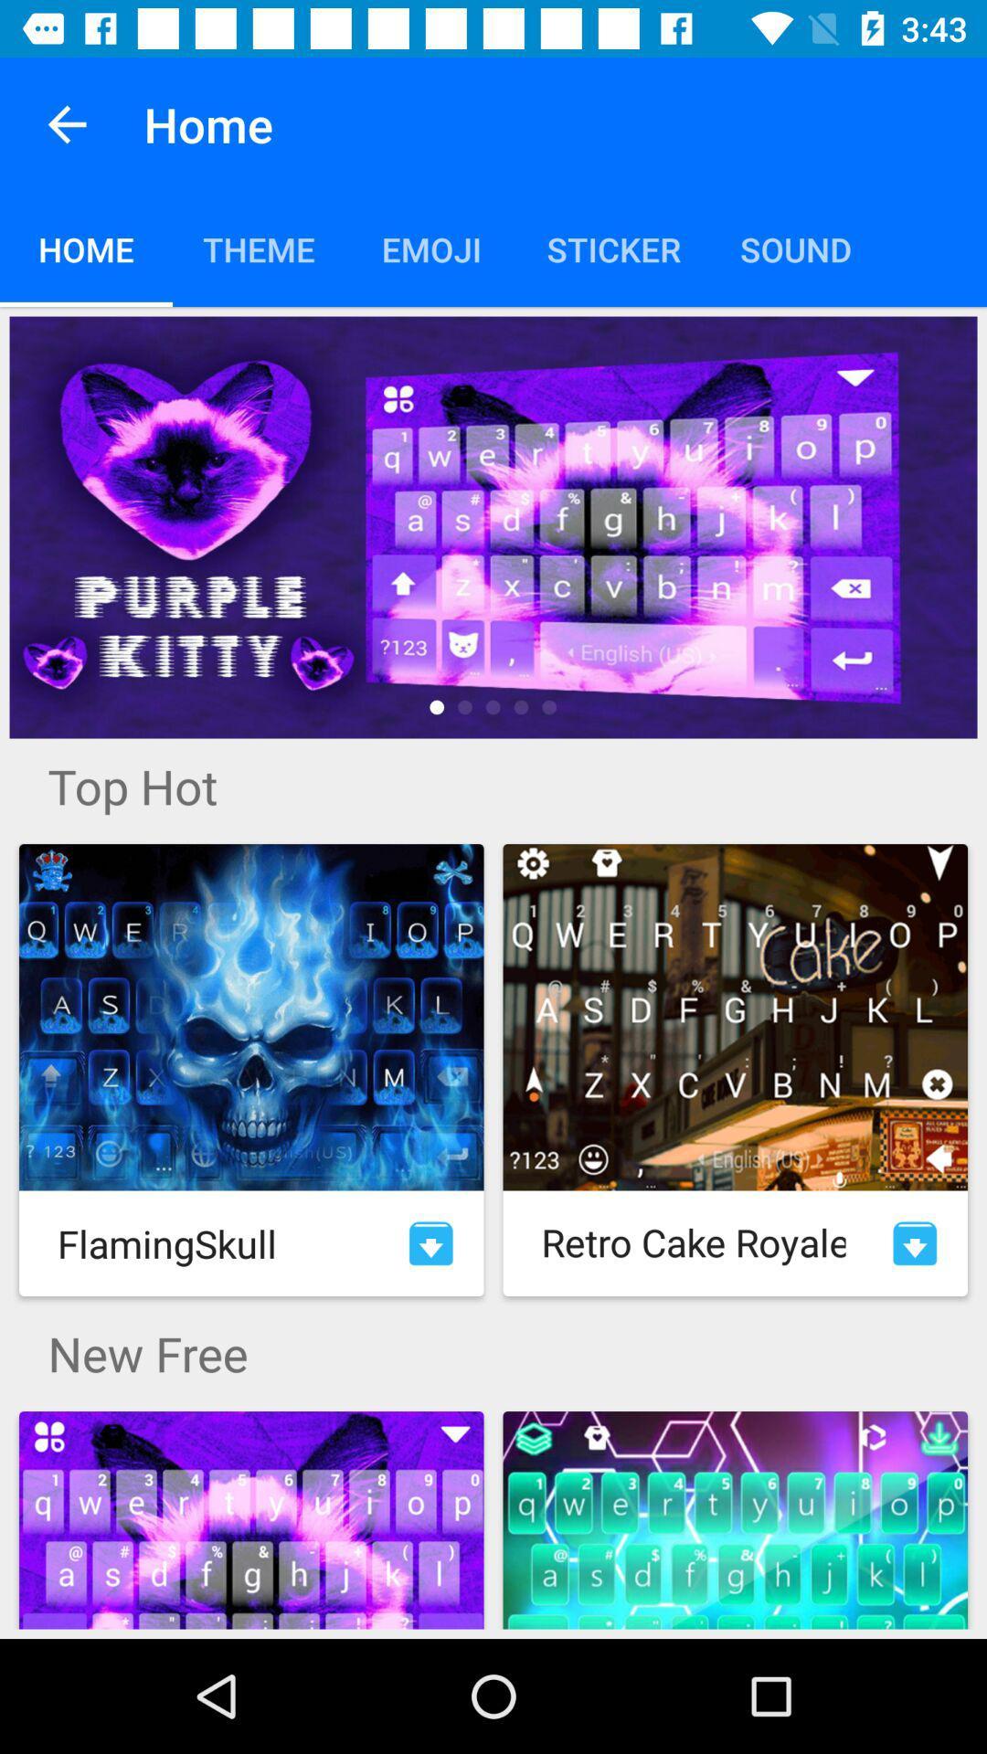  I want to click on download theme, so click(430, 1242).